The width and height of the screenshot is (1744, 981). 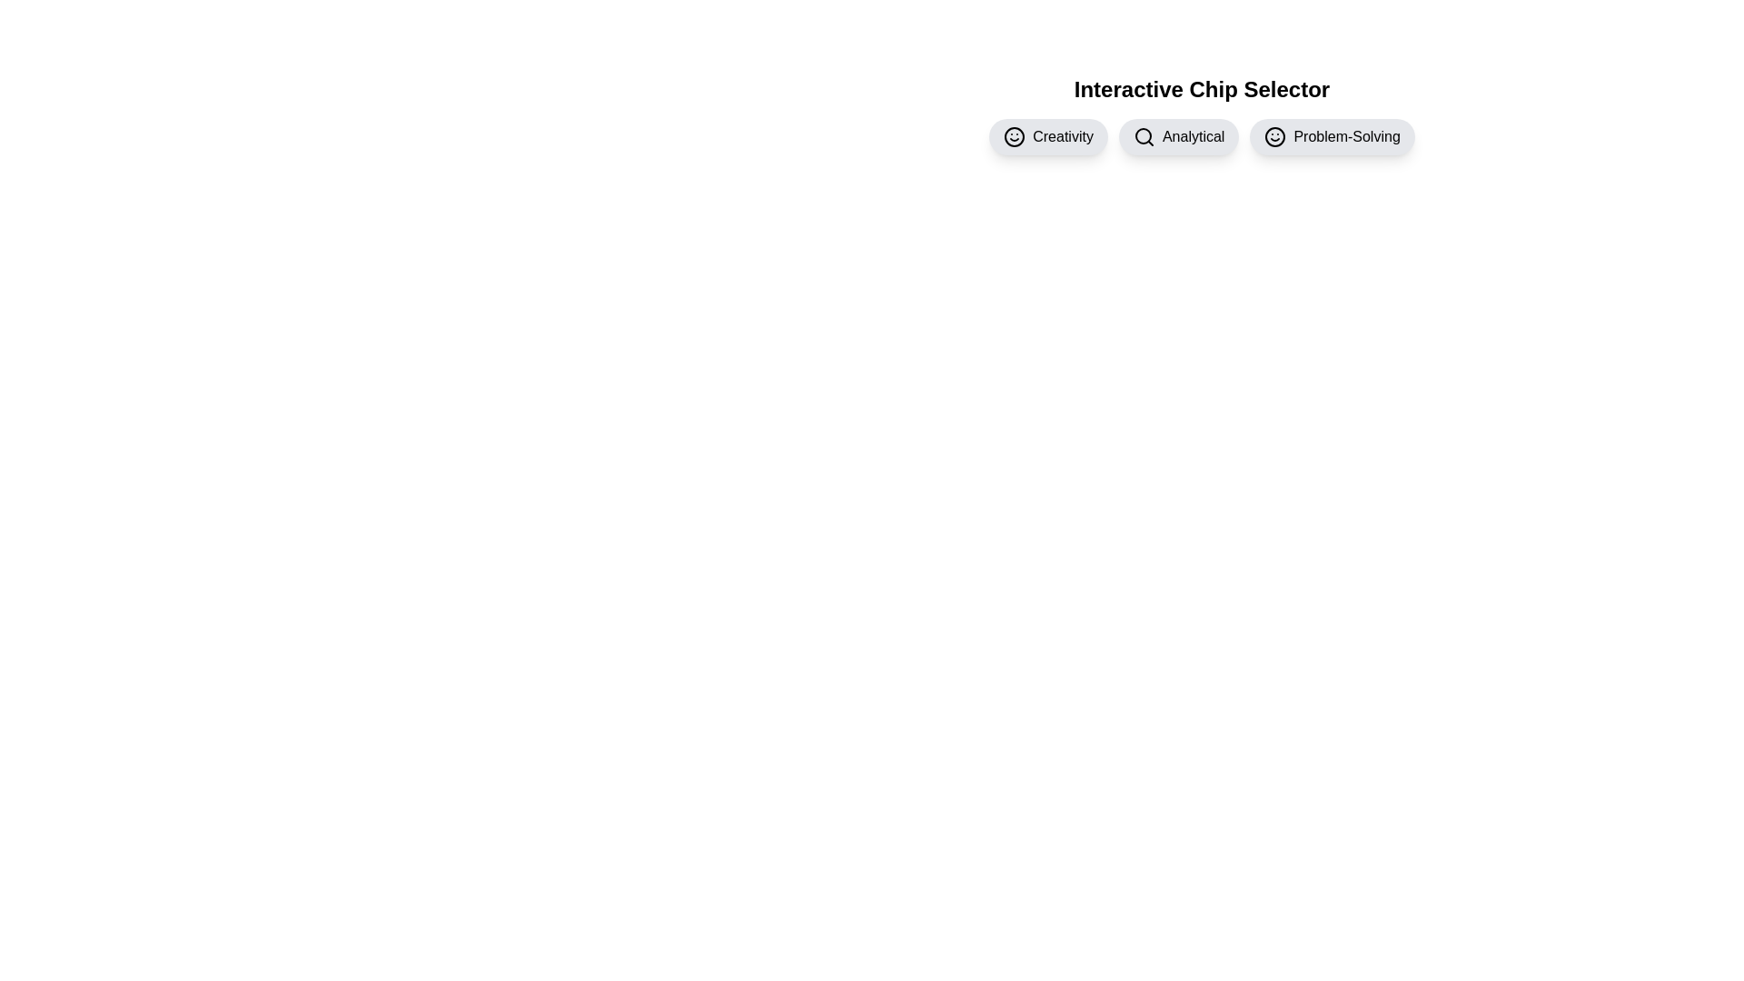 What do you see at coordinates (1048, 135) in the screenshot?
I see `the chip labeled Creativity by clicking on it` at bounding box center [1048, 135].